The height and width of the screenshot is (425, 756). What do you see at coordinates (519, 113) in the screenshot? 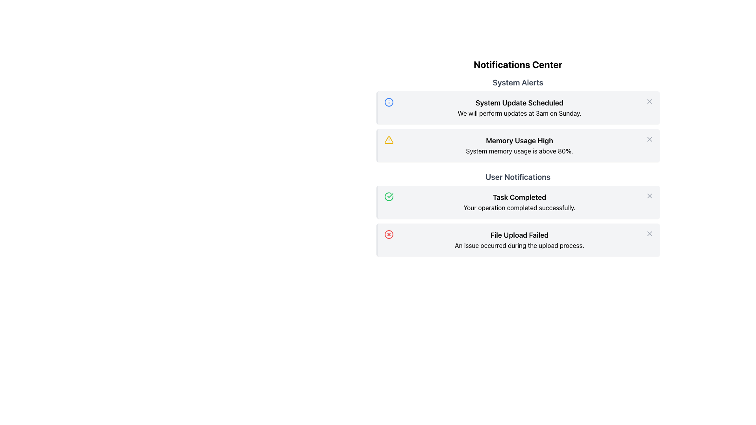
I see `the static text displaying 'We will perform updates at 3am on Sunday.' located in the notification titled 'System Update Scheduled'` at bounding box center [519, 113].